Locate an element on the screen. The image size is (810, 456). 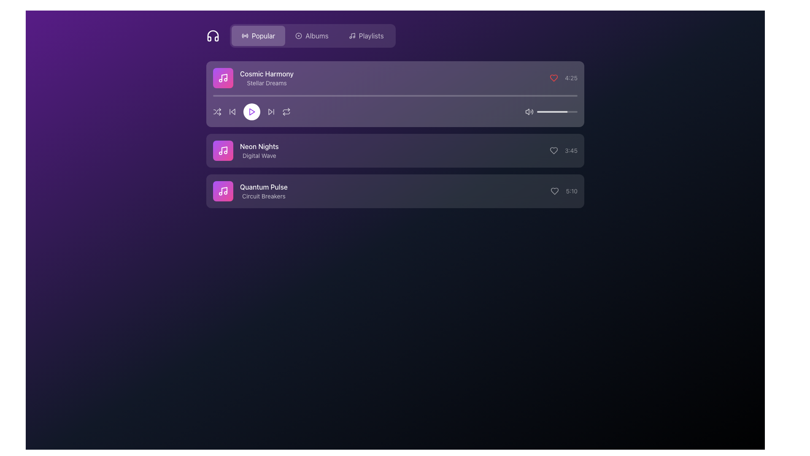
the Decorative SVG Circle that visually represents a music-related icon, located in the top-left corner adjacent to the 'Popular' button is located at coordinates (299, 35).